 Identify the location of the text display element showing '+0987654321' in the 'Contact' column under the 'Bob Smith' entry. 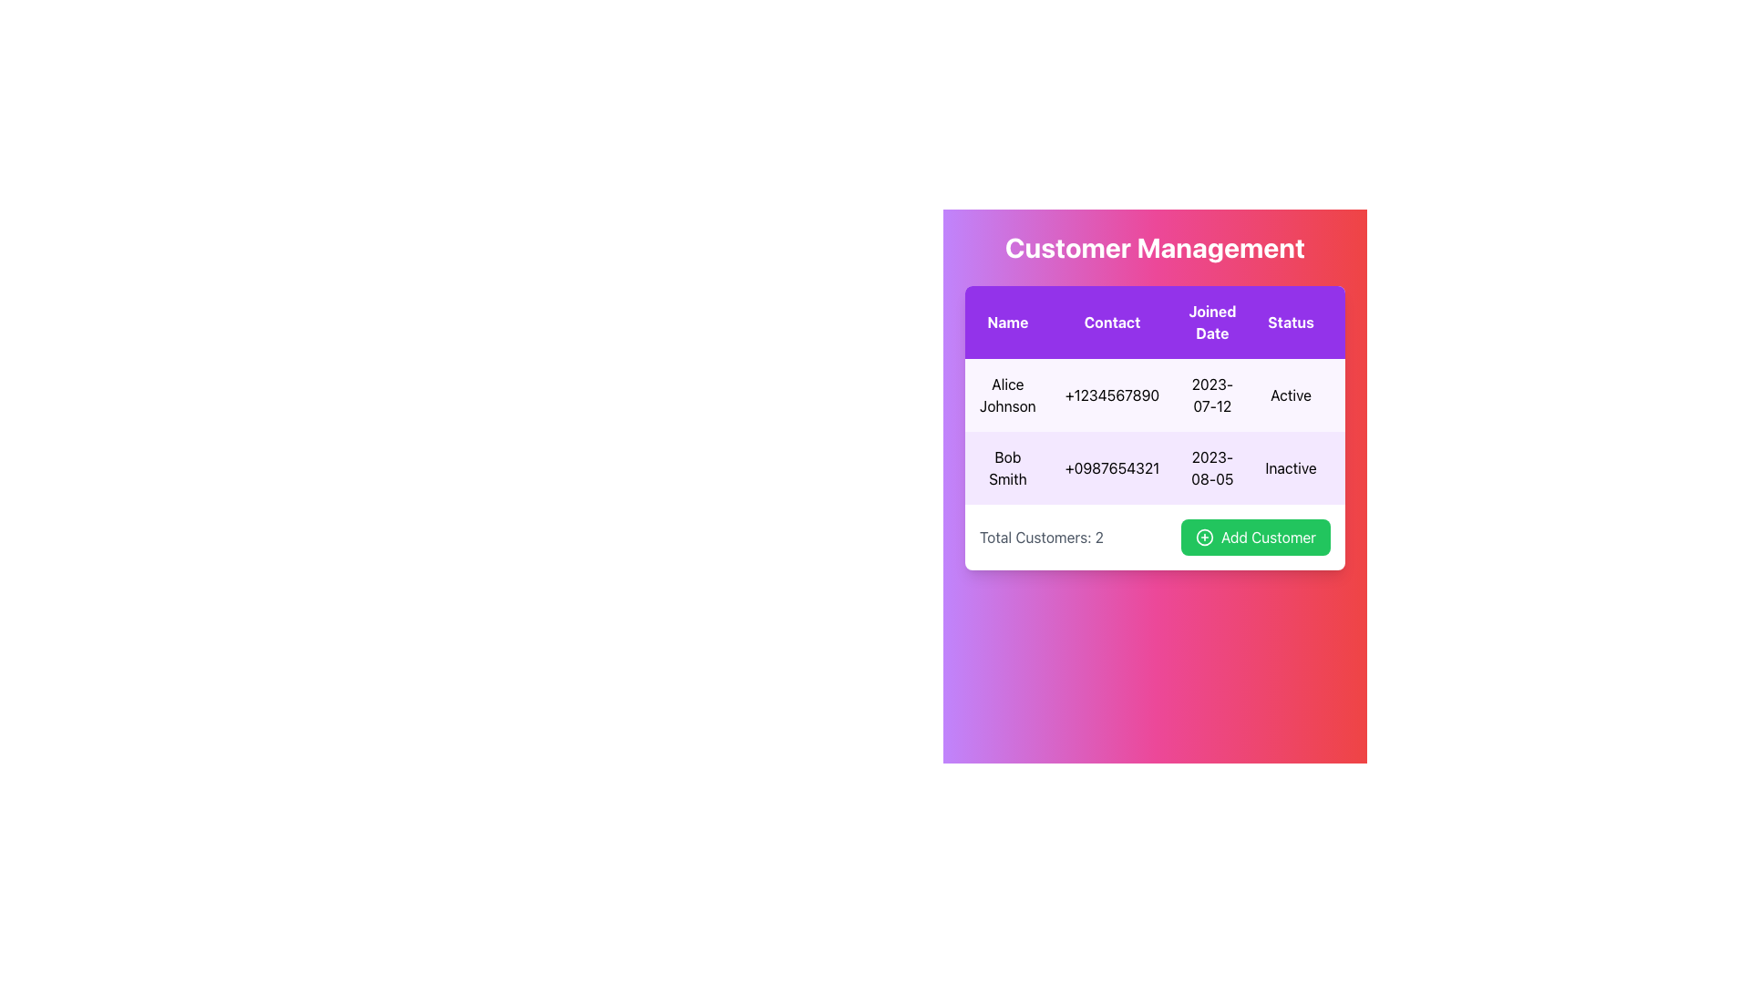
(1111, 466).